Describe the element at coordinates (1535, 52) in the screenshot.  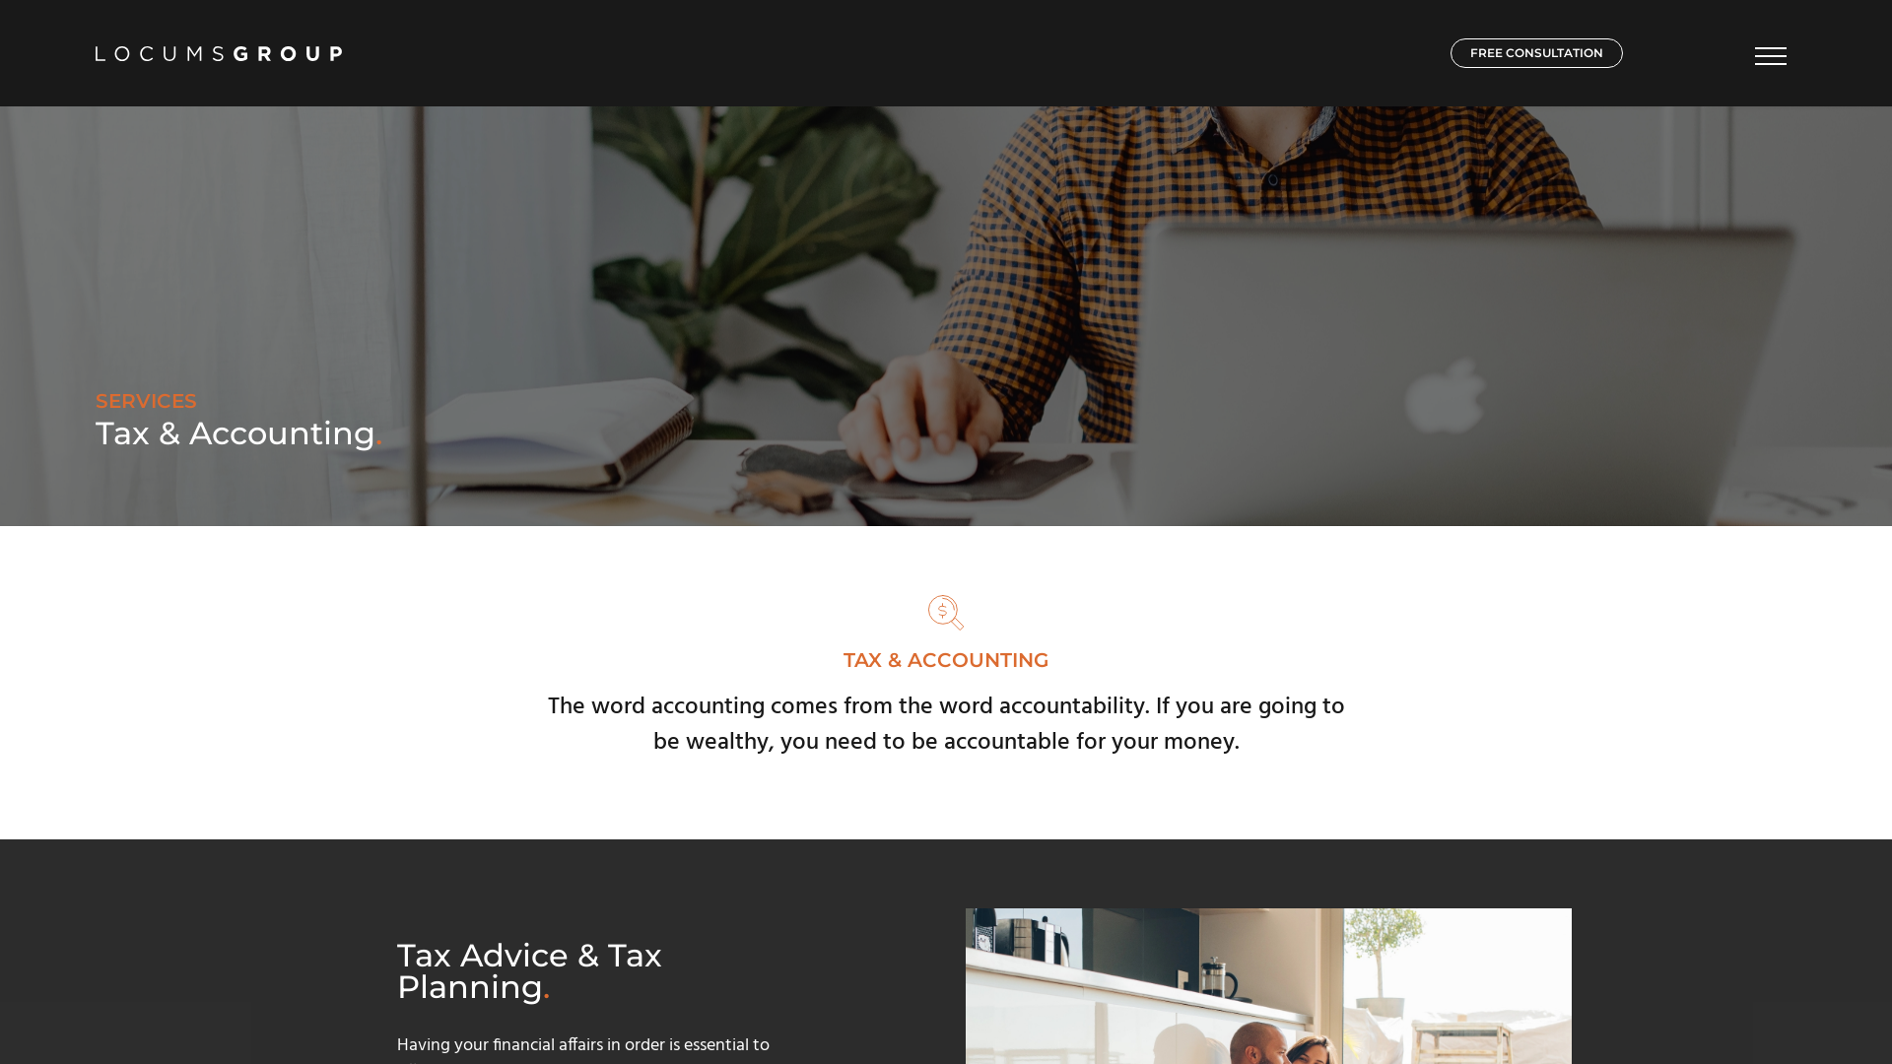
I see `'FREE CONSULTATION'` at that location.